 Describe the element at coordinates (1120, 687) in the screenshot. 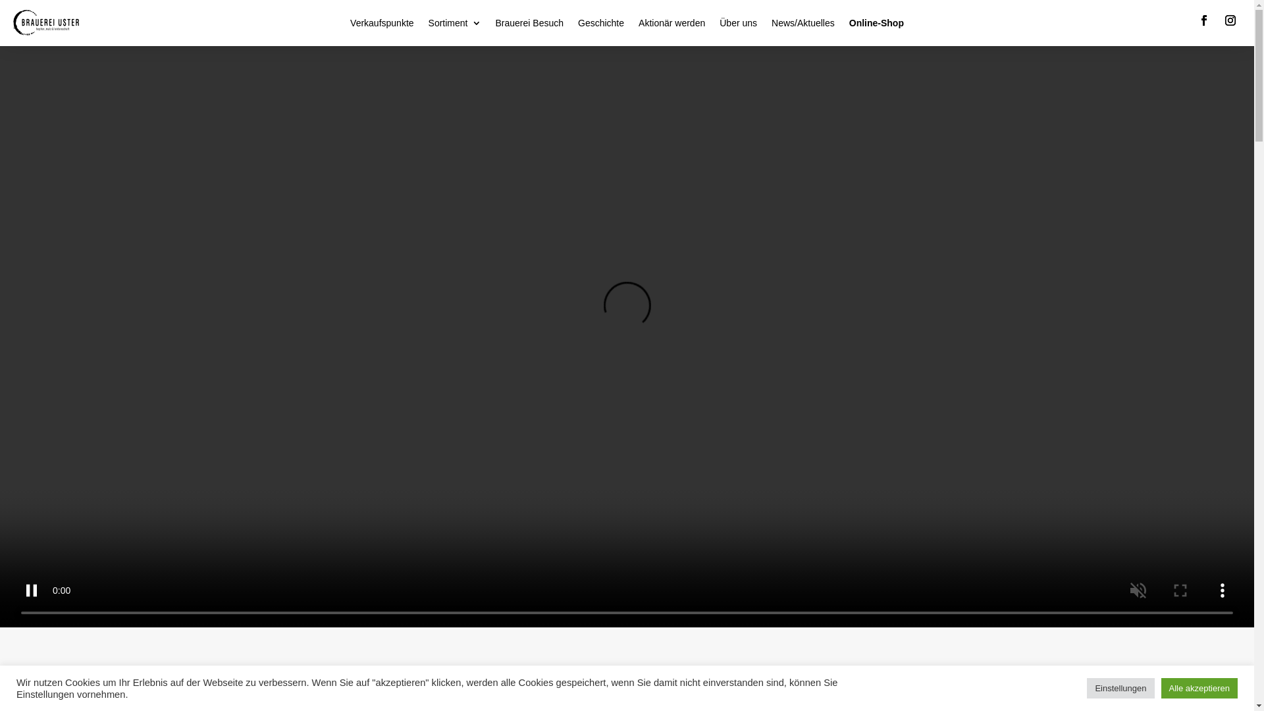

I see `'Einstellungen'` at that location.